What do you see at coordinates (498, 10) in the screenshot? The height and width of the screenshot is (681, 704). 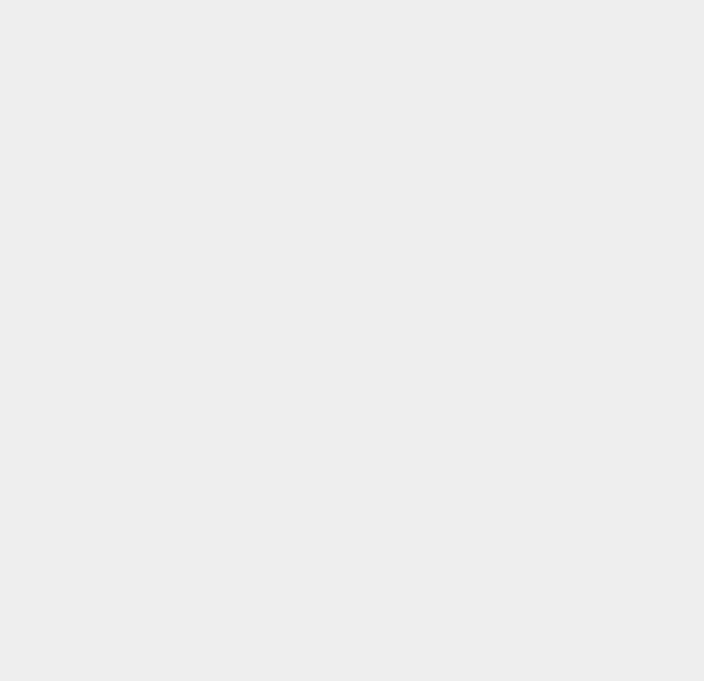 I see `'eSignature'` at bounding box center [498, 10].